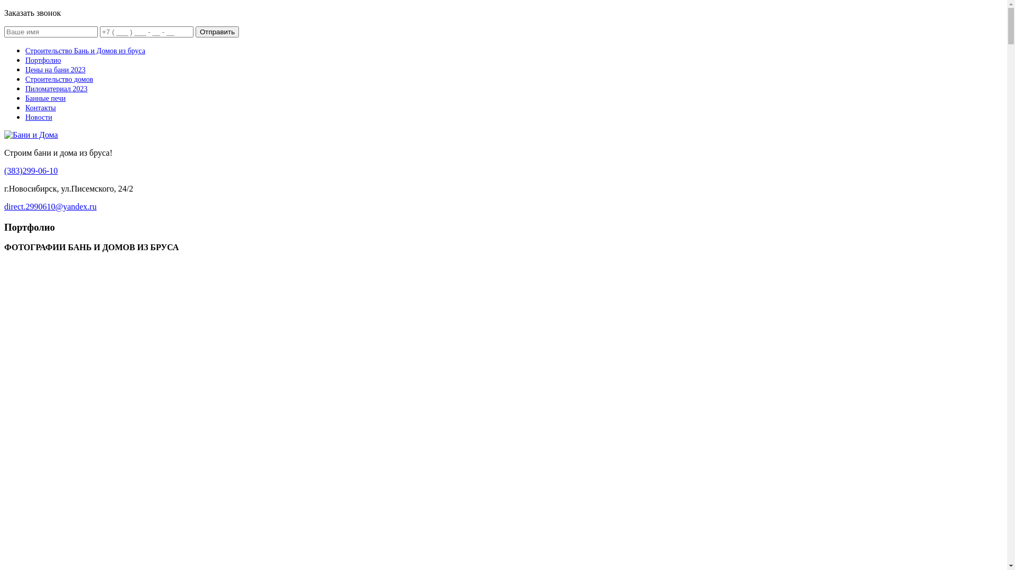 The height and width of the screenshot is (570, 1015). Describe the element at coordinates (4, 170) in the screenshot. I see `'(383)299-06-10'` at that location.